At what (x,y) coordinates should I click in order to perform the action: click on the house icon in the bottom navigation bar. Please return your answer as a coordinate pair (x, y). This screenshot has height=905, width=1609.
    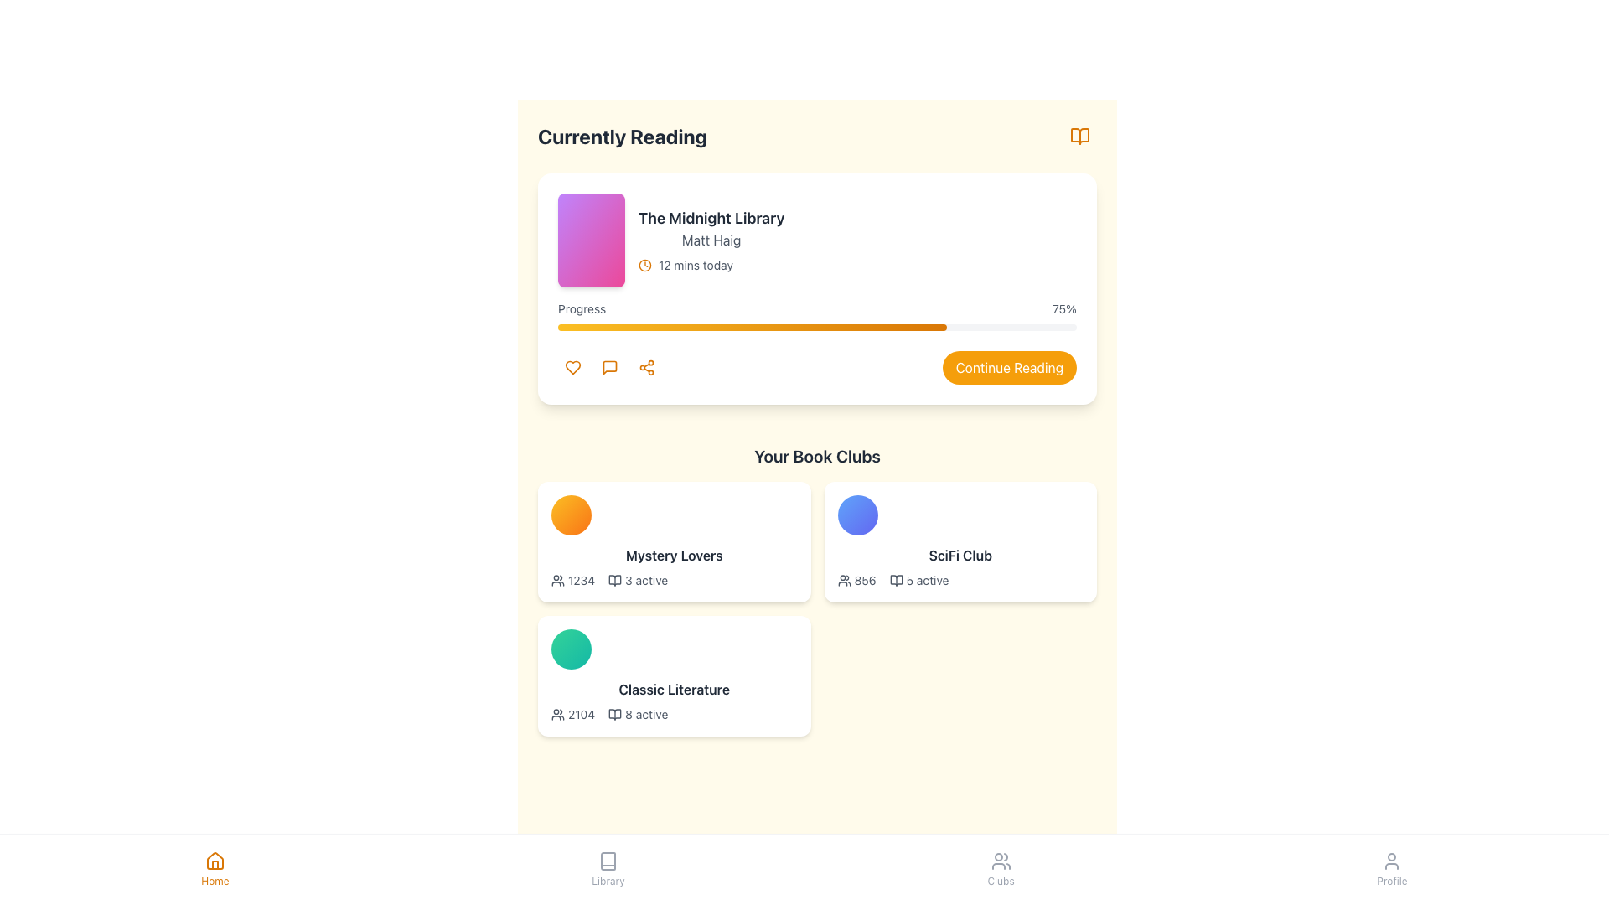
    Looking at the image, I should click on (214, 861).